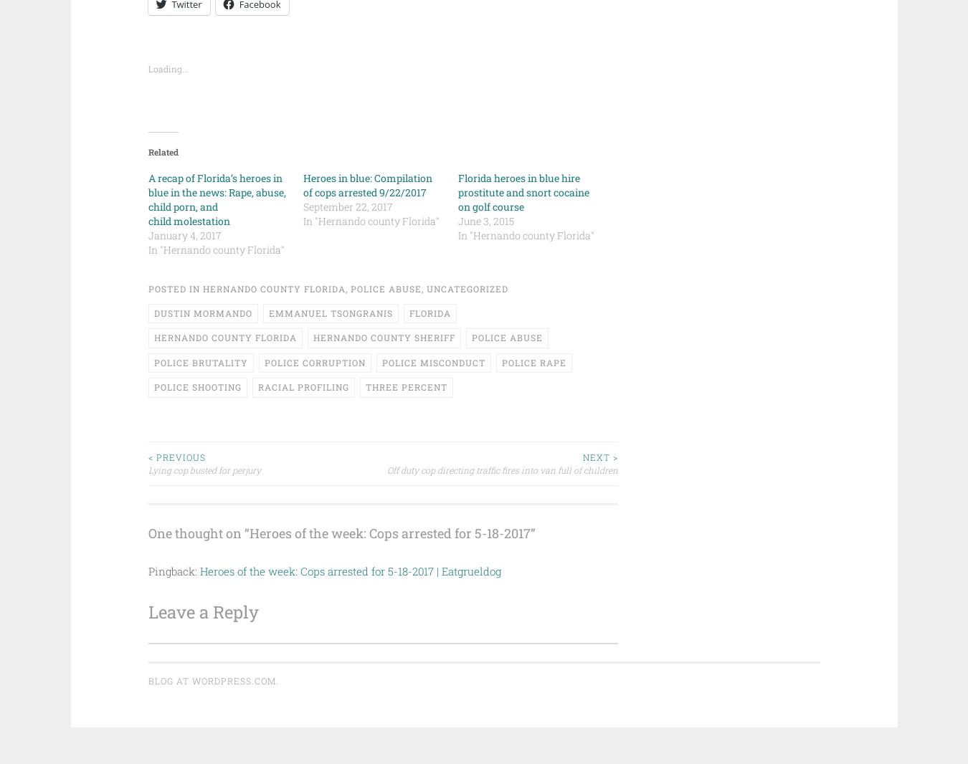 This screenshot has width=968, height=764. I want to click on 'Heroes of the week: Cops arrested for 5-18-2017 | Eatgrueldog', so click(349, 569).